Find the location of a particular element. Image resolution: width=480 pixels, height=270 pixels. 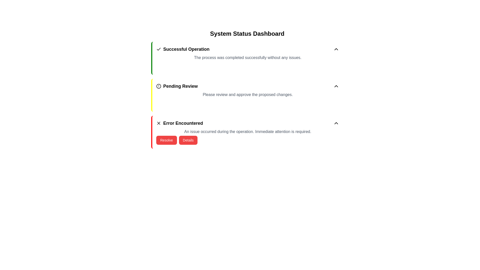

text from the main title label located at the top of the dashboard section is located at coordinates (247, 34).